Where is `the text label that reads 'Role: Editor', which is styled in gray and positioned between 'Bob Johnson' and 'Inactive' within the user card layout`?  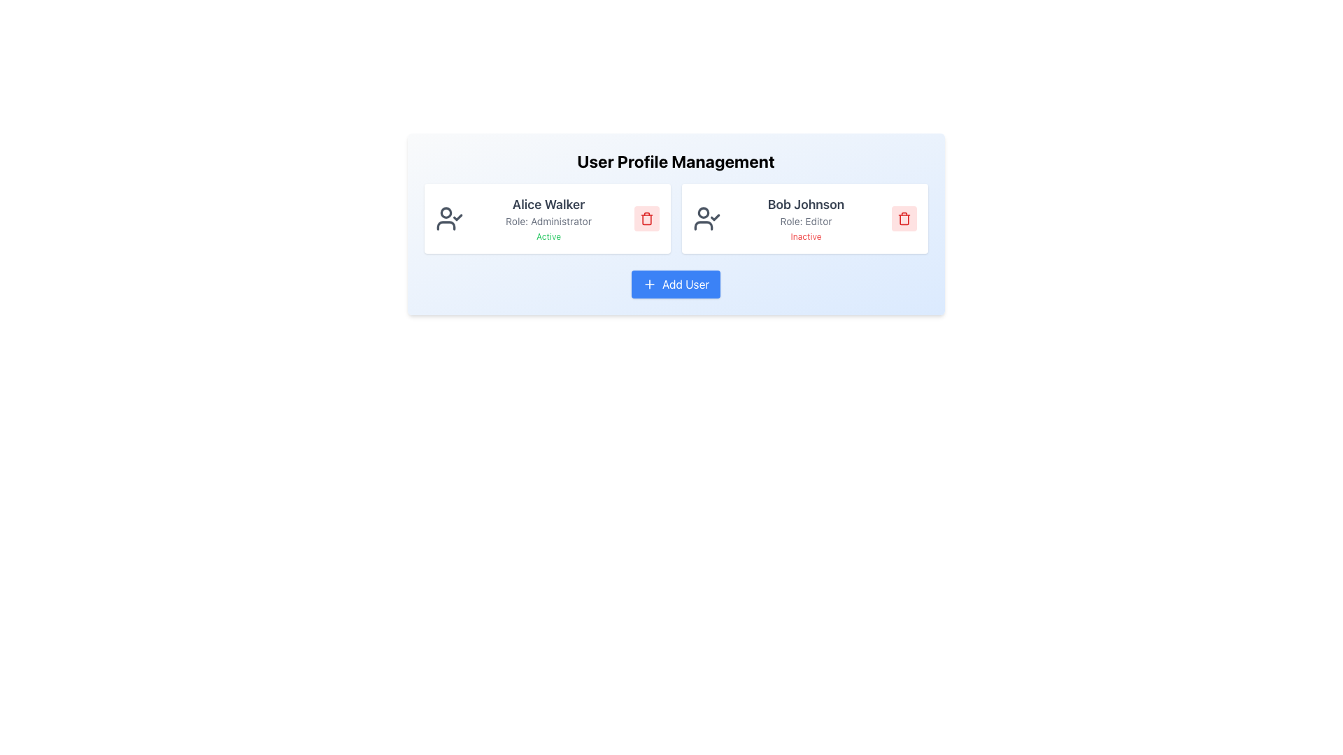
the text label that reads 'Role: Editor', which is styled in gray and positioned between 'Bob Johnson' and 'Inactive' within the user card layout is located at coordinates (806, 220).